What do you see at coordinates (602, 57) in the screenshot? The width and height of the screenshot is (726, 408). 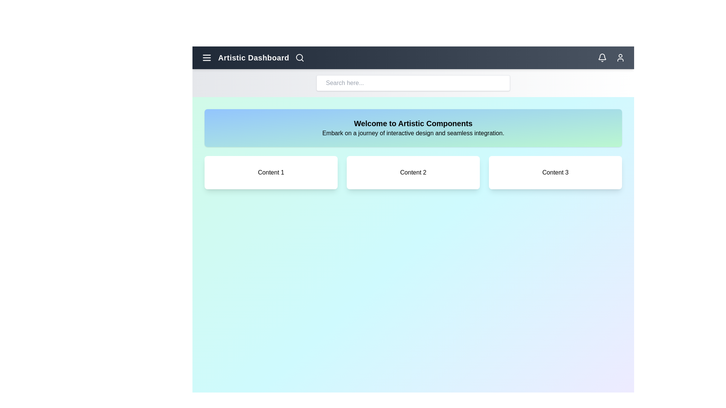 I see `the notification bell icon` at bounding box center [602, 57].